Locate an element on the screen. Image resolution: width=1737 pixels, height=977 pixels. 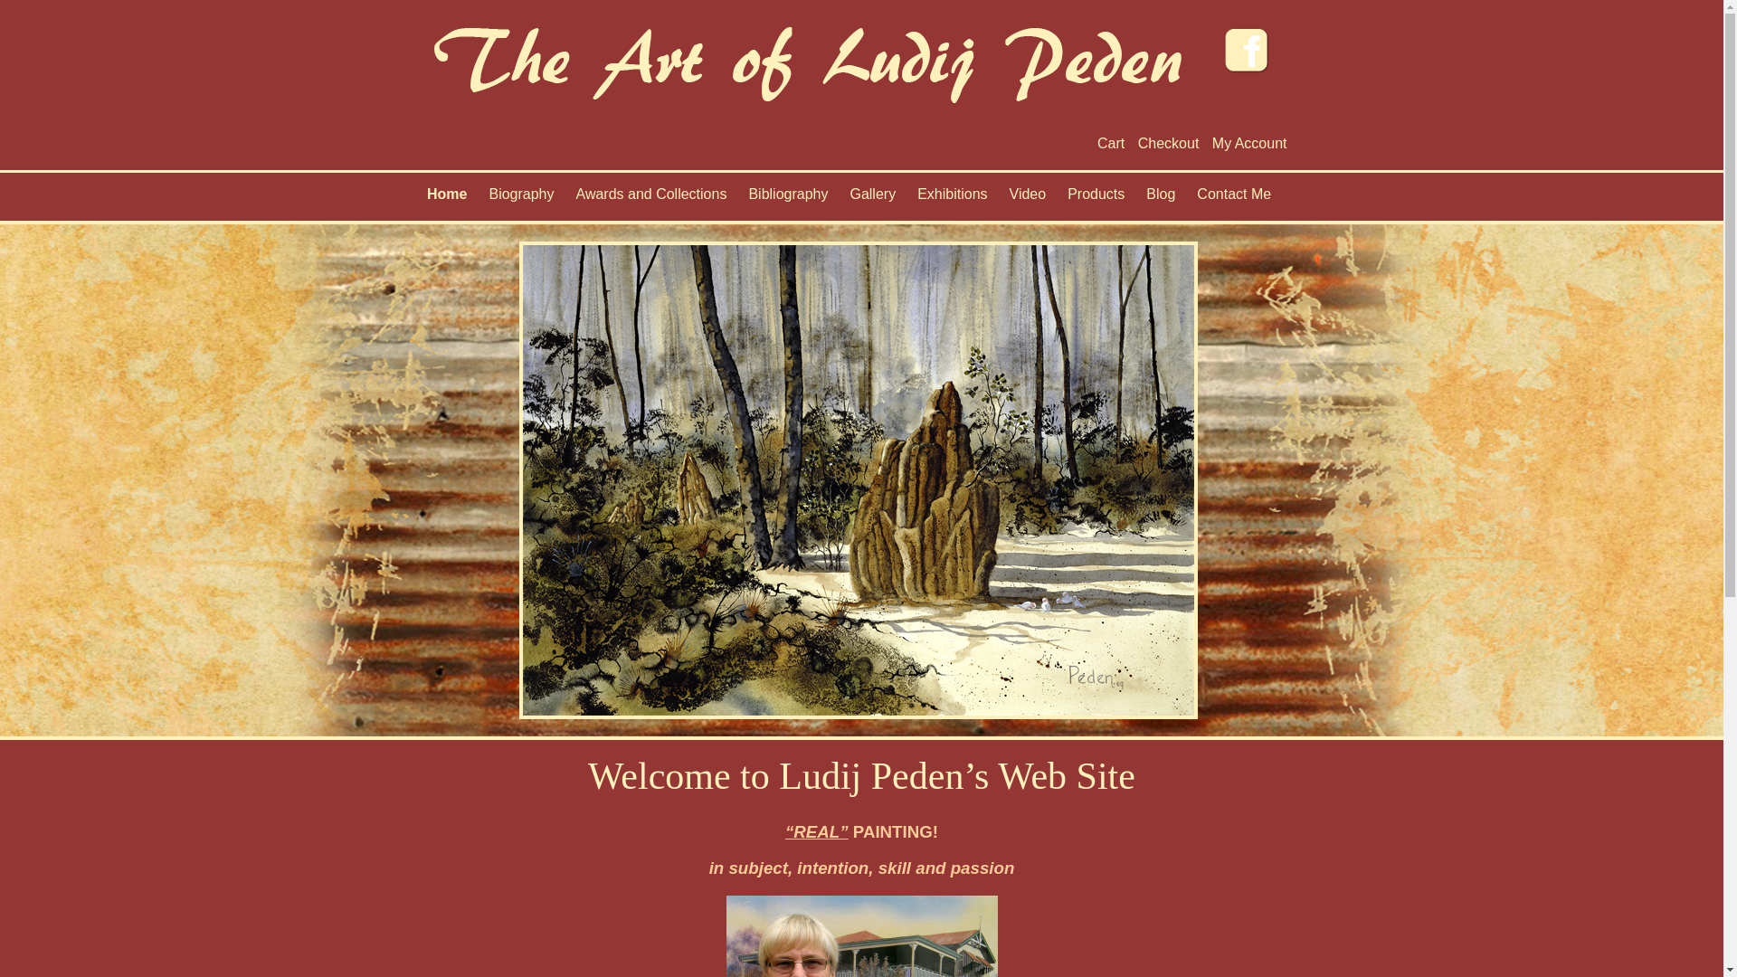
'Products' is located at coordinates (1058, 198).